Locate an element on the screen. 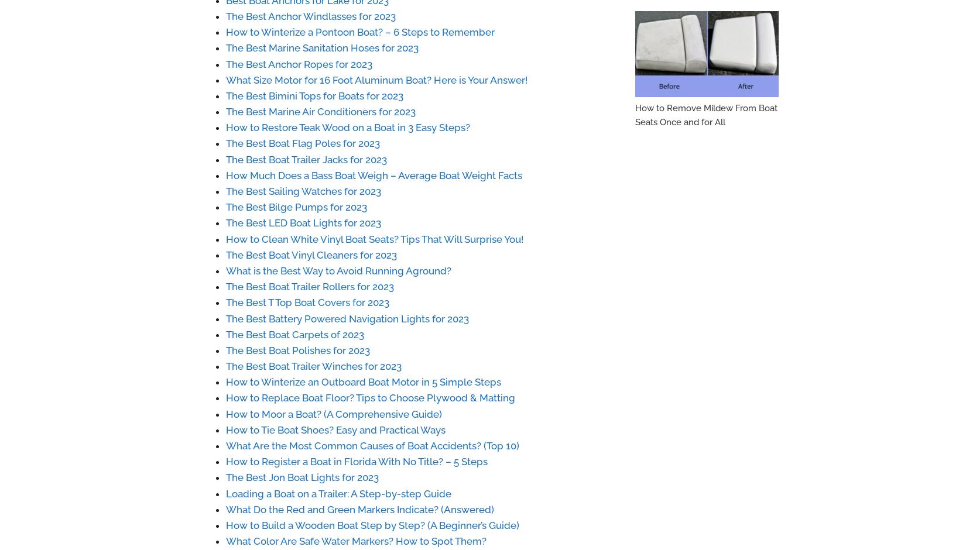 Image resolution: width=966 pixels, height=550 pixels. 'The Best Boat Trailer Rollers for 2023' is located at coordinates (309, 287).